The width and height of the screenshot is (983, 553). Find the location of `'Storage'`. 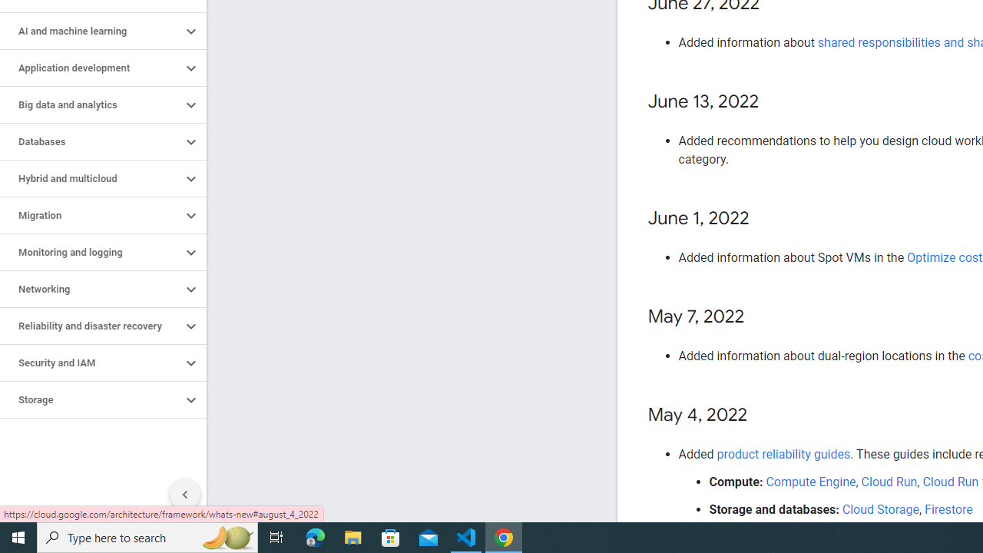

'Storage' is located at coordinates (90, 399).